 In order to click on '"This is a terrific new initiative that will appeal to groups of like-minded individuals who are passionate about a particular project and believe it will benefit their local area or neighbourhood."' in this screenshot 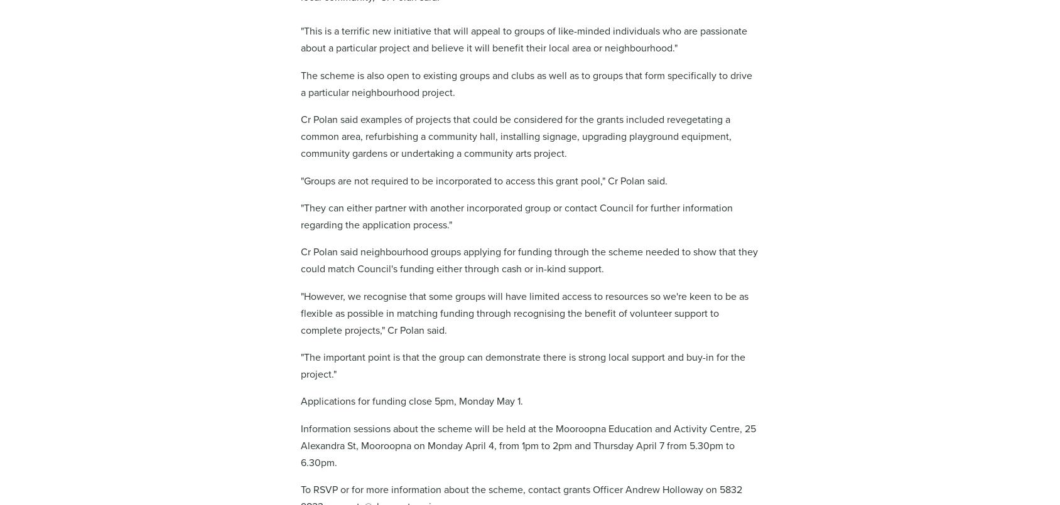, I will do `click(523, 39)`.